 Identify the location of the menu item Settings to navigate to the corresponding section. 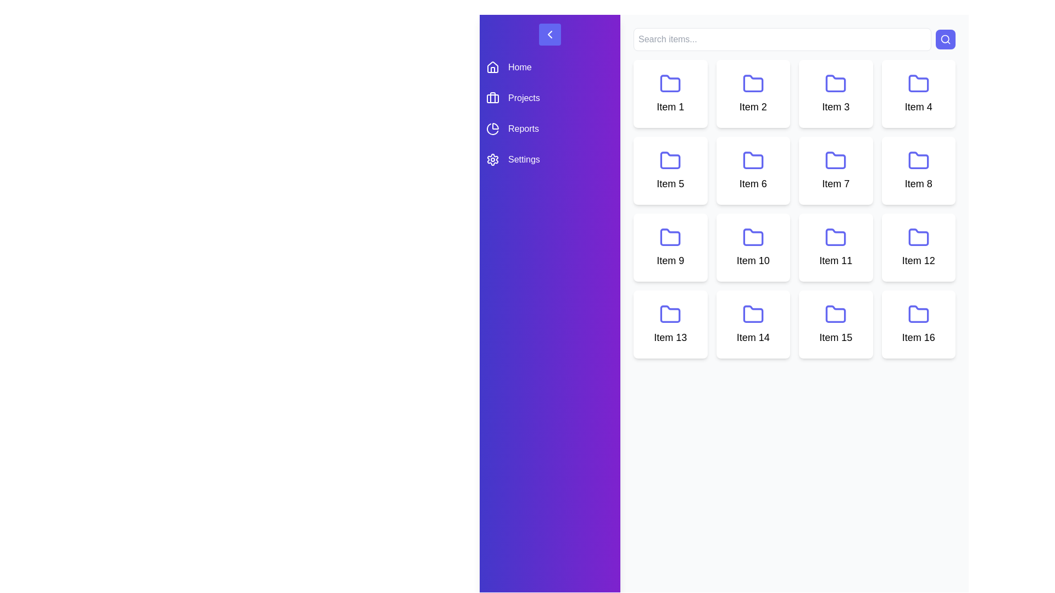
(550, 159).